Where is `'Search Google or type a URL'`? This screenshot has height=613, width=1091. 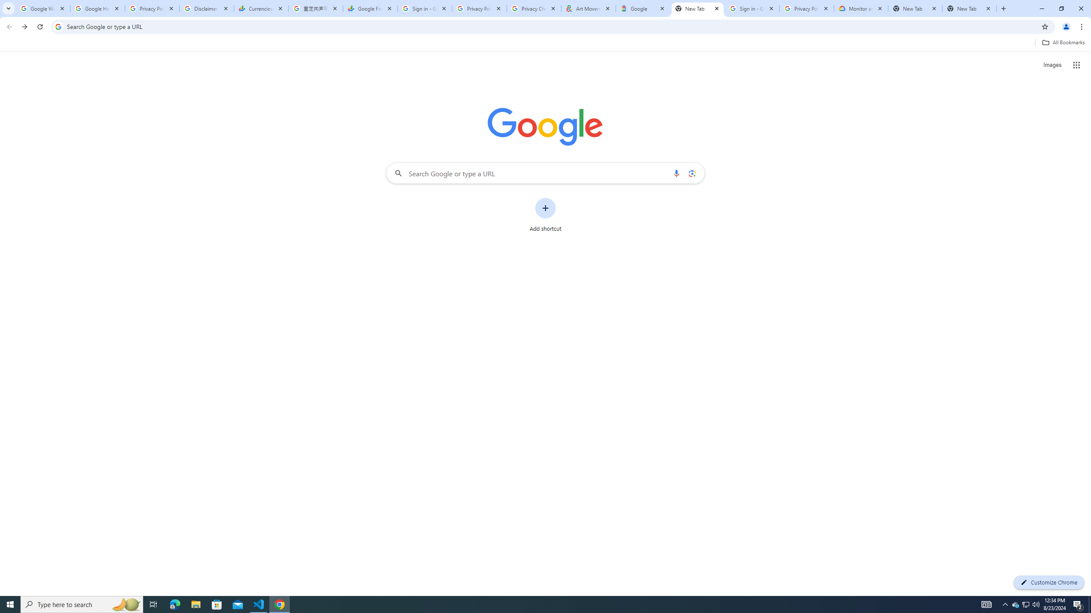
'Search Google or type a URL' is located at coordinates (545, 172).